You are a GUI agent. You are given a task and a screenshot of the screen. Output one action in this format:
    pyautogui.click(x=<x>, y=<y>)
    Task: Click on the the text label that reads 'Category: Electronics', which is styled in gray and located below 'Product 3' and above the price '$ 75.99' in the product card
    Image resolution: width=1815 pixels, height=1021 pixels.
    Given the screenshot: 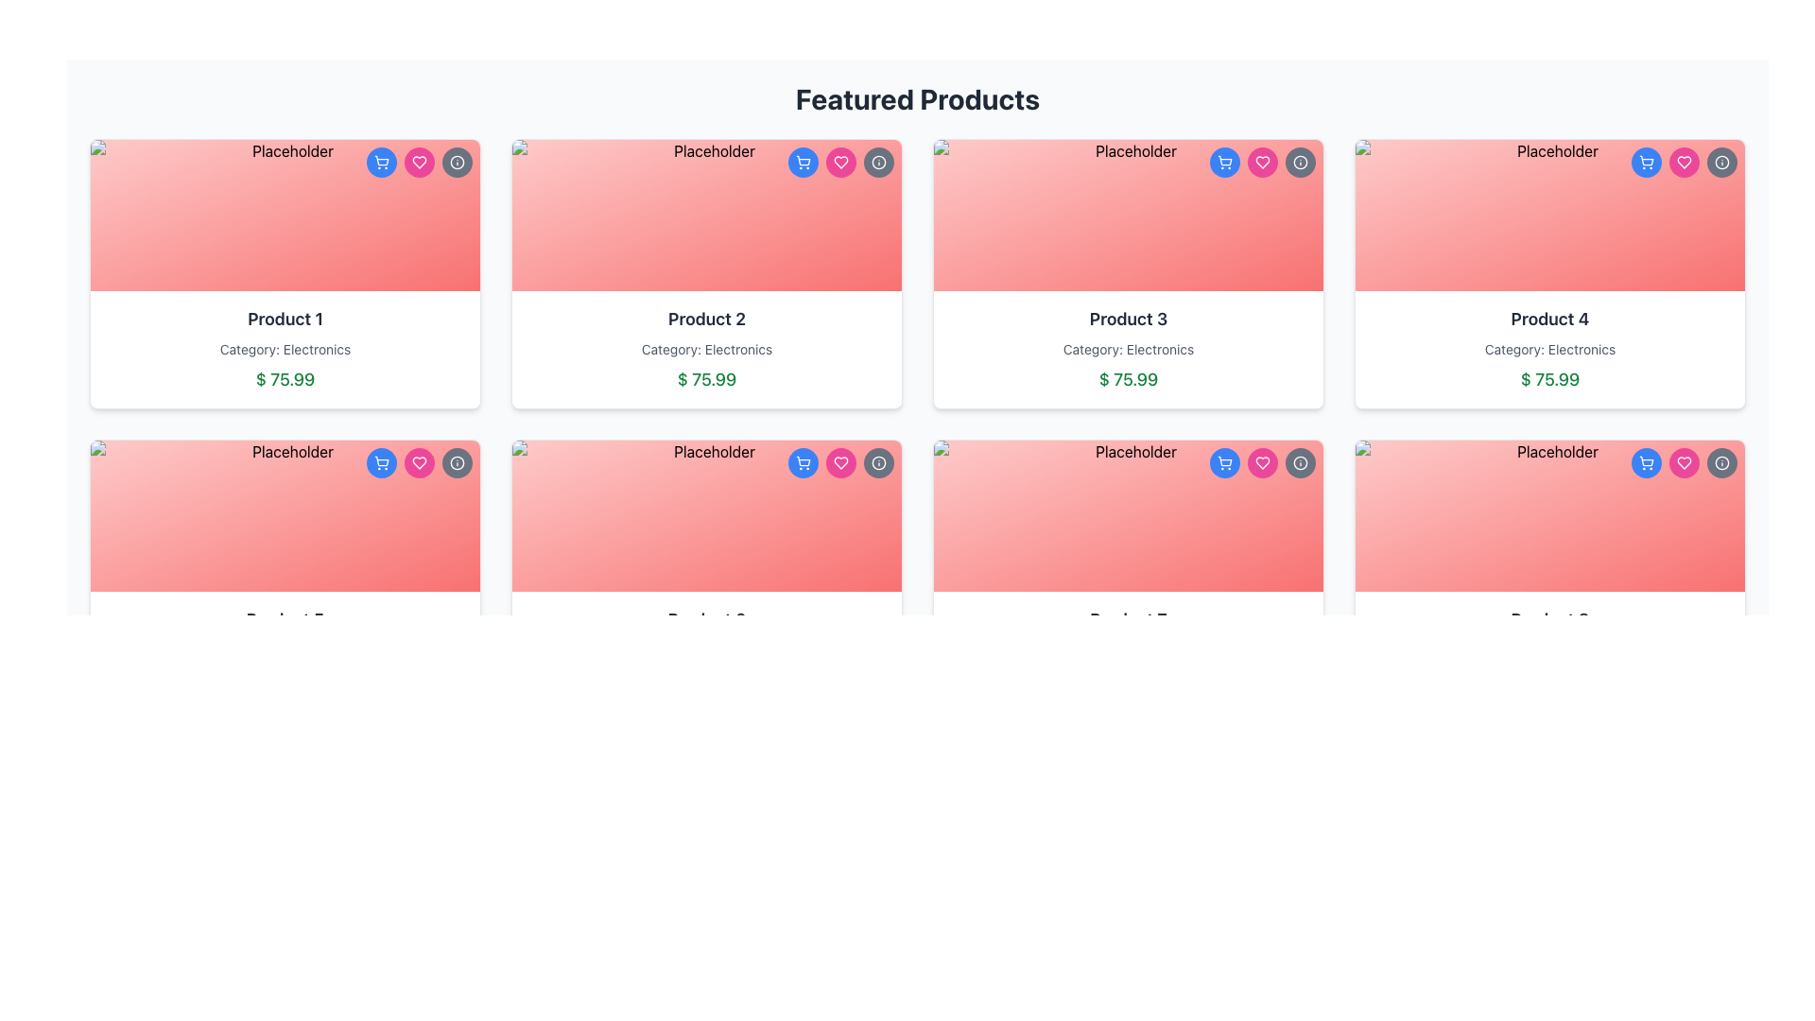 What is the action you would take?
    pyautogui.click(x=1129, y=350)
    